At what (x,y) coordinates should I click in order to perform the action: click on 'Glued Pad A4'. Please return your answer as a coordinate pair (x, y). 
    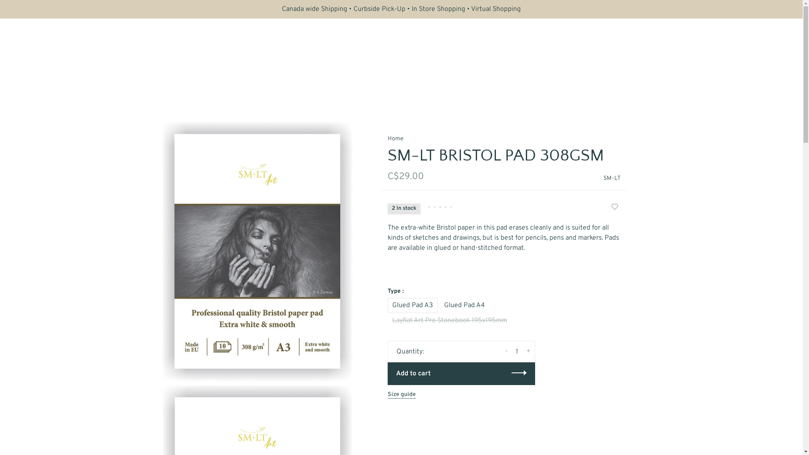
    Looking at the image, I should click on (439, 305).